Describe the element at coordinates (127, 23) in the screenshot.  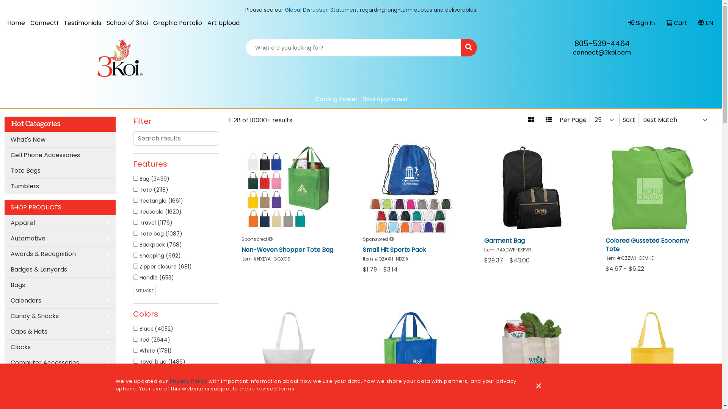
I see `'School of 3Koi'` at that location.